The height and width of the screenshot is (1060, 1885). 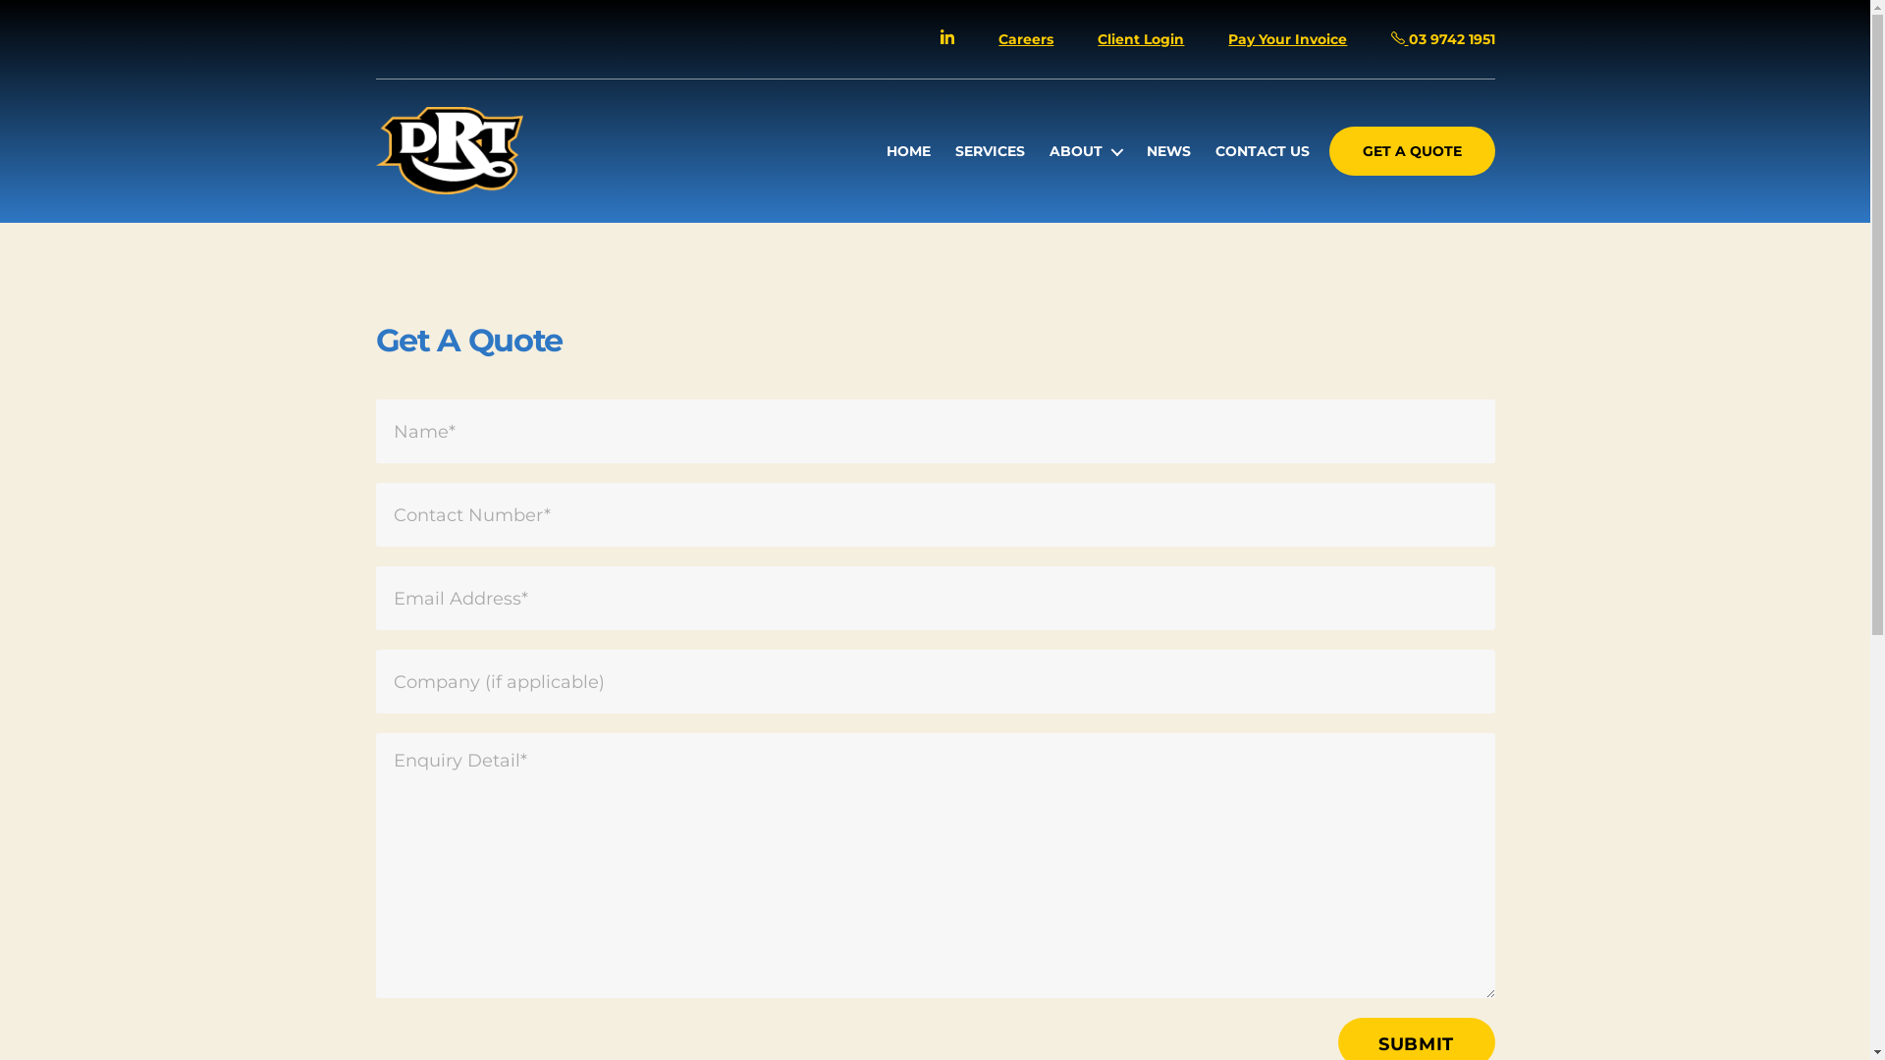 What do you see at coordinates (1168, 150) in the screenshot?
I see `'NEWS'` at bounding box center [1168, 150].